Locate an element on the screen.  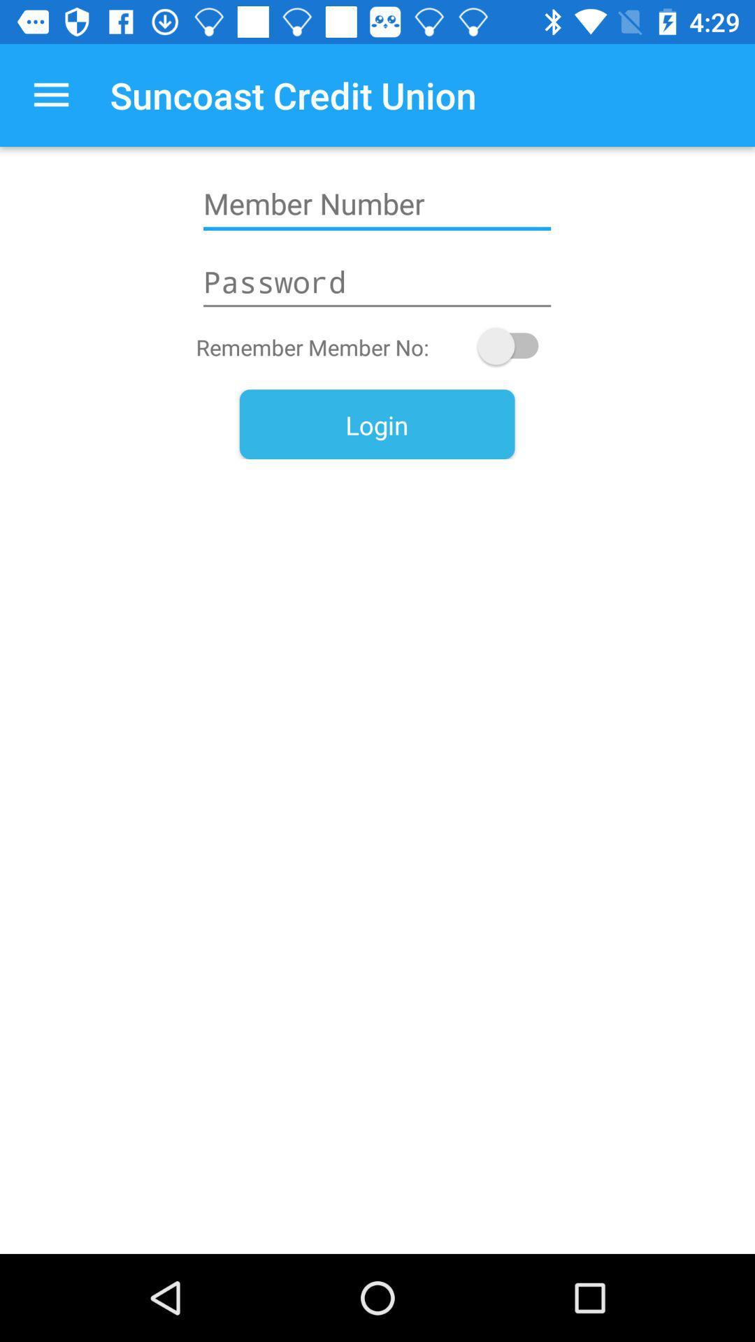
the login is located at coordinates (376, 424).